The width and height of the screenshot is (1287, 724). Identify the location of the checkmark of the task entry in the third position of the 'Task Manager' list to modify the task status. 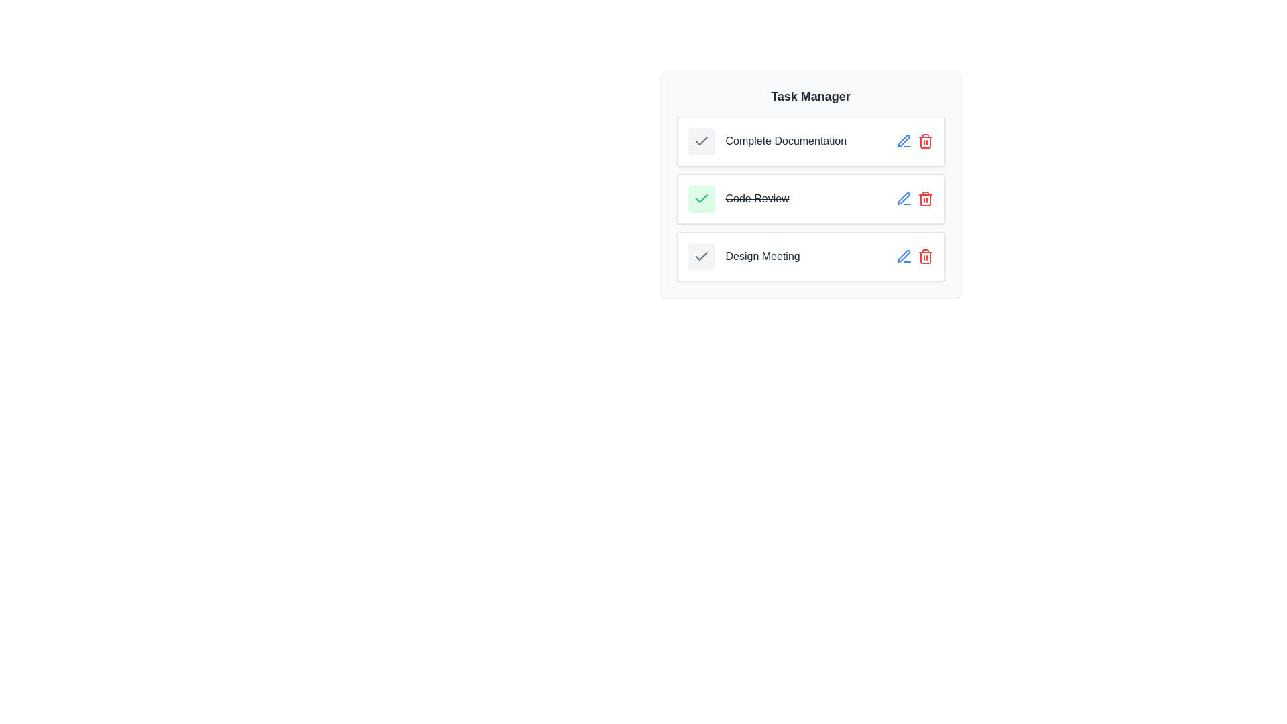
(810, 256).